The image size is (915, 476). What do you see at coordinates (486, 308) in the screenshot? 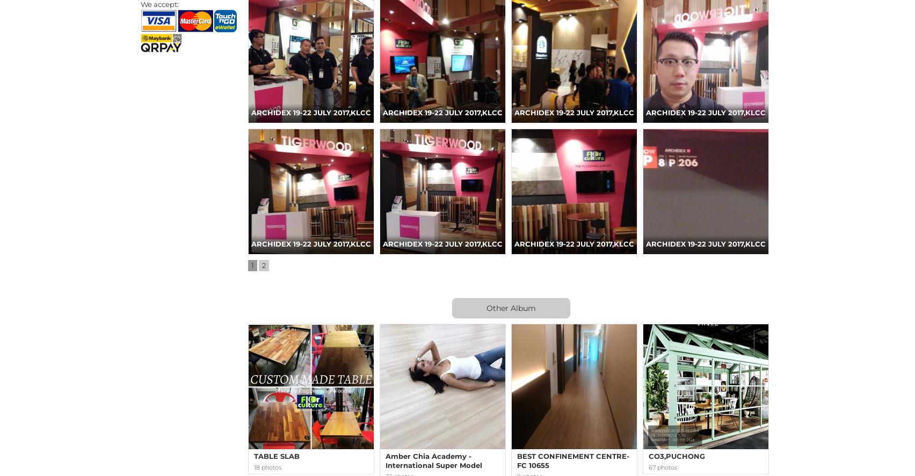
I see `'Other Album'` at bounding box center [486, 308].